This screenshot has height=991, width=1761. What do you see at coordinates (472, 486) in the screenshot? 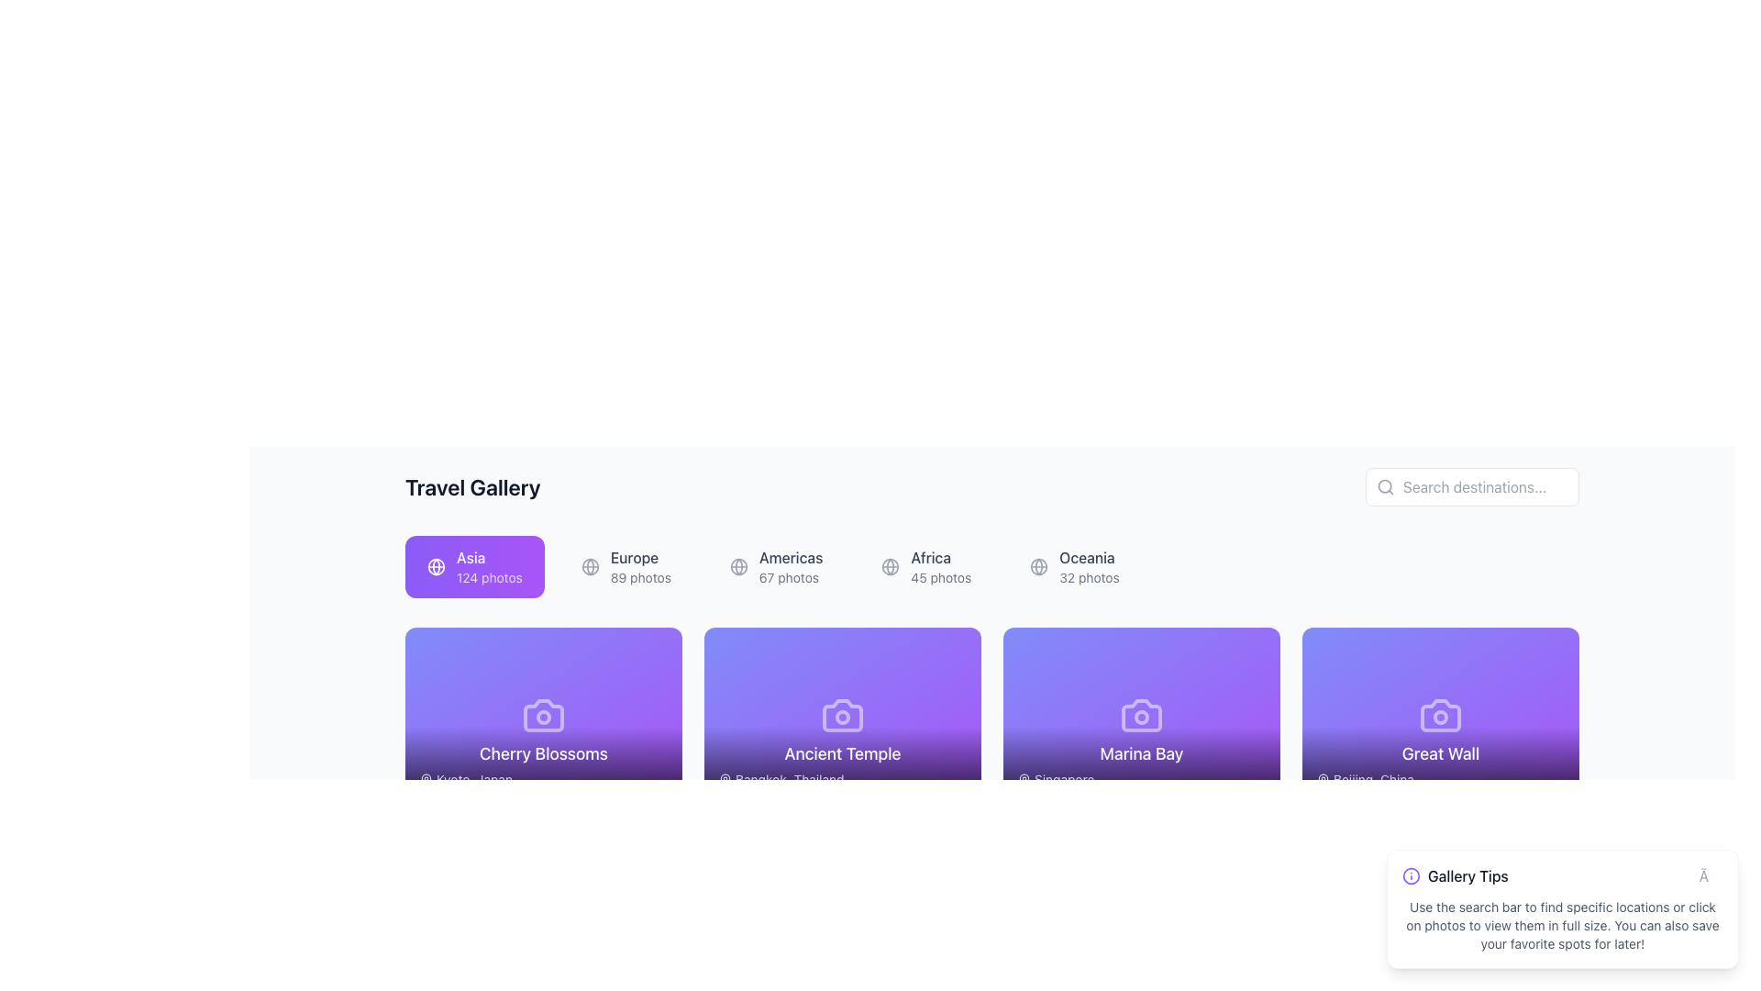
I see `the main title label indicating 'Travel Gallery', which is positioned in the top-left section of the interface, to the left of the search bar and above the category buttons` at bounding box center [472, 486].